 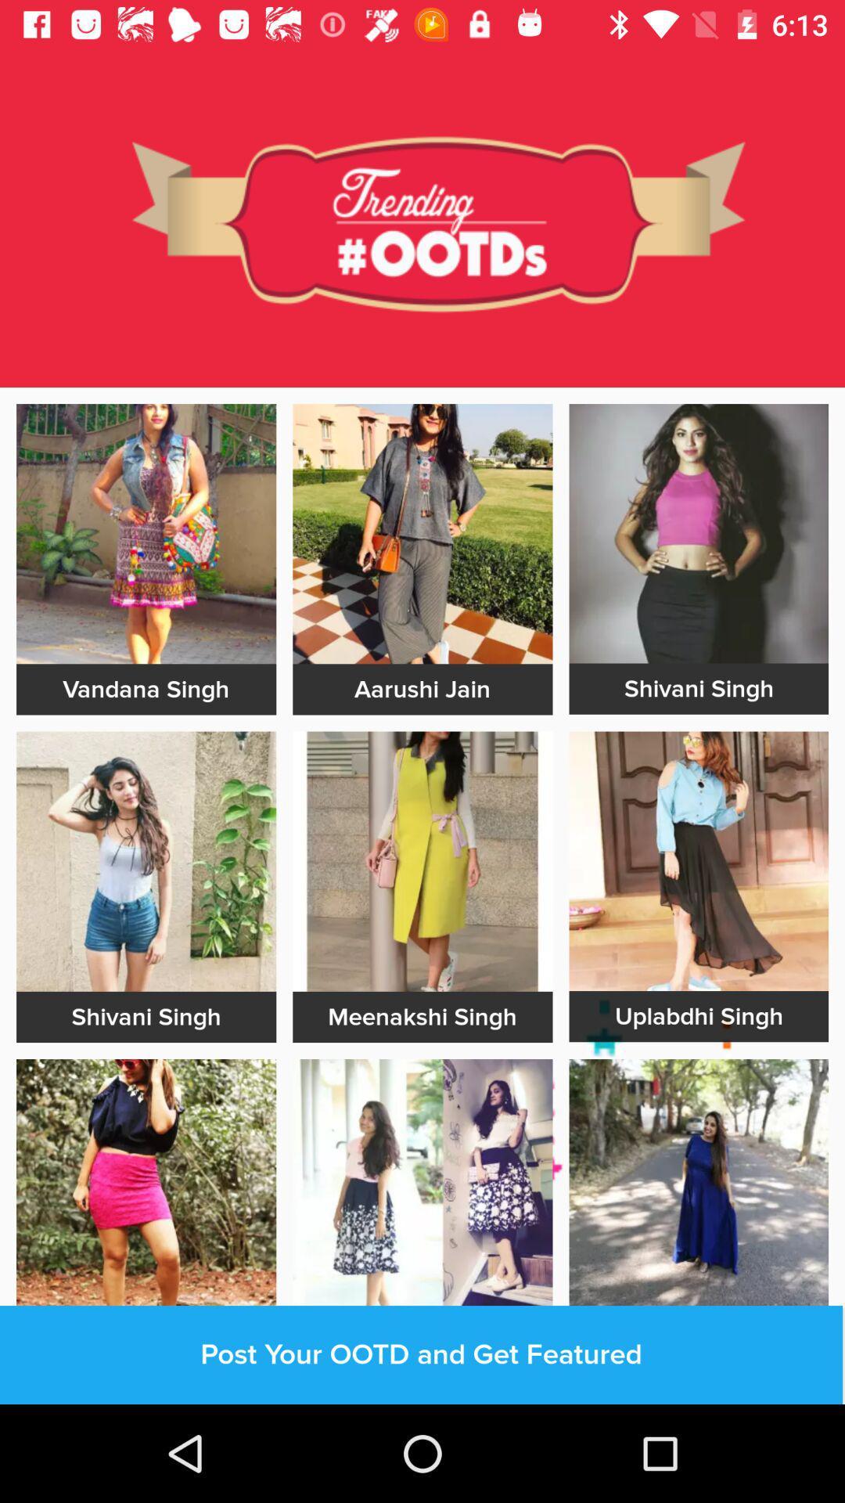 I want to click on click on photo, so click(x=422, y=1189).